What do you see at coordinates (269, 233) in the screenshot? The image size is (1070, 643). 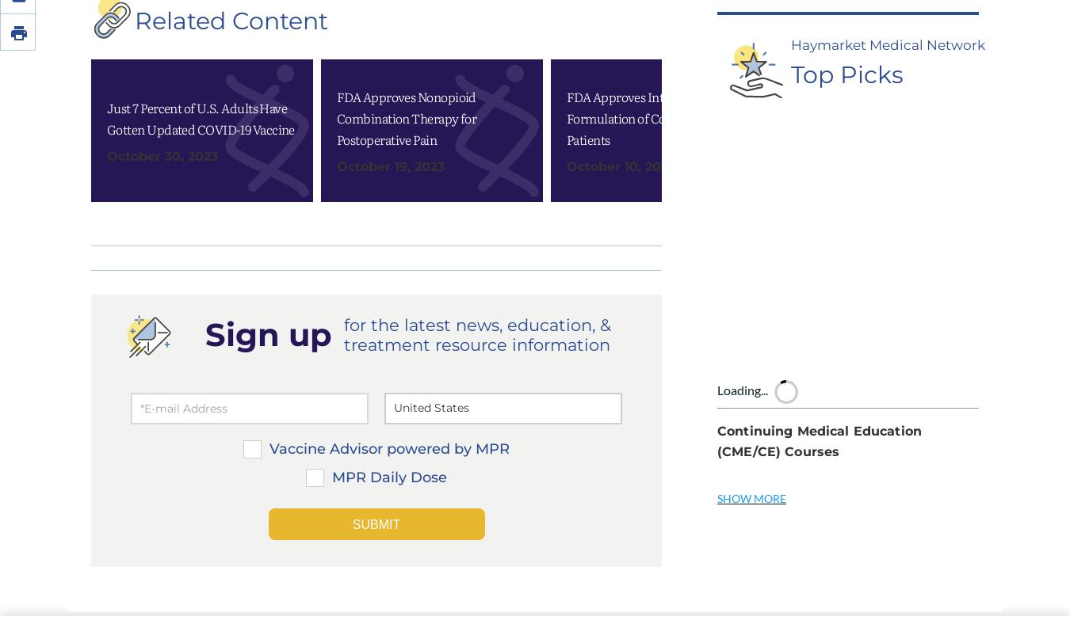 I see `'Vaccine Advisor powered by MPR'` at bounding box center [269, 233].